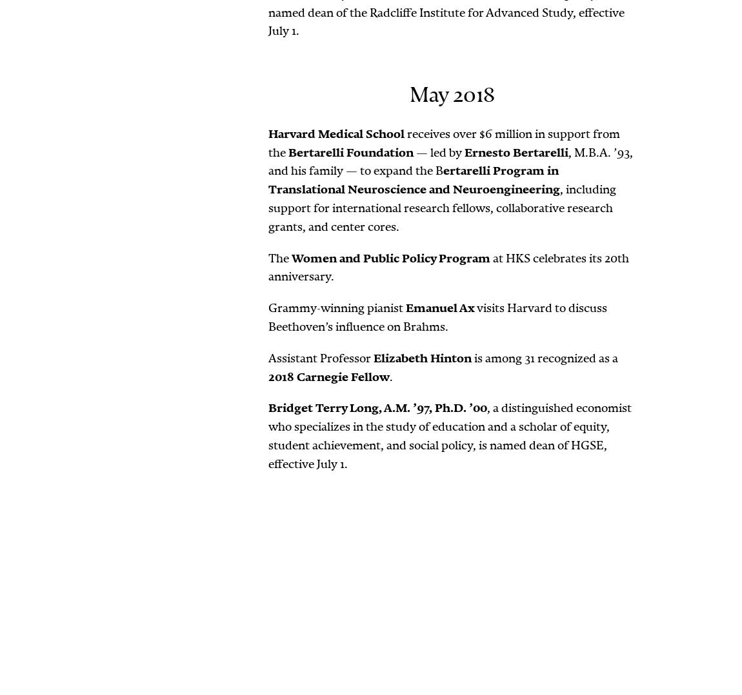 Image resolution: width=742 pixels, height=695 pixels. Describe the element at coordinates (390, 257) in the screenshot. I see `'Women and Public Policy Program'` at that location.